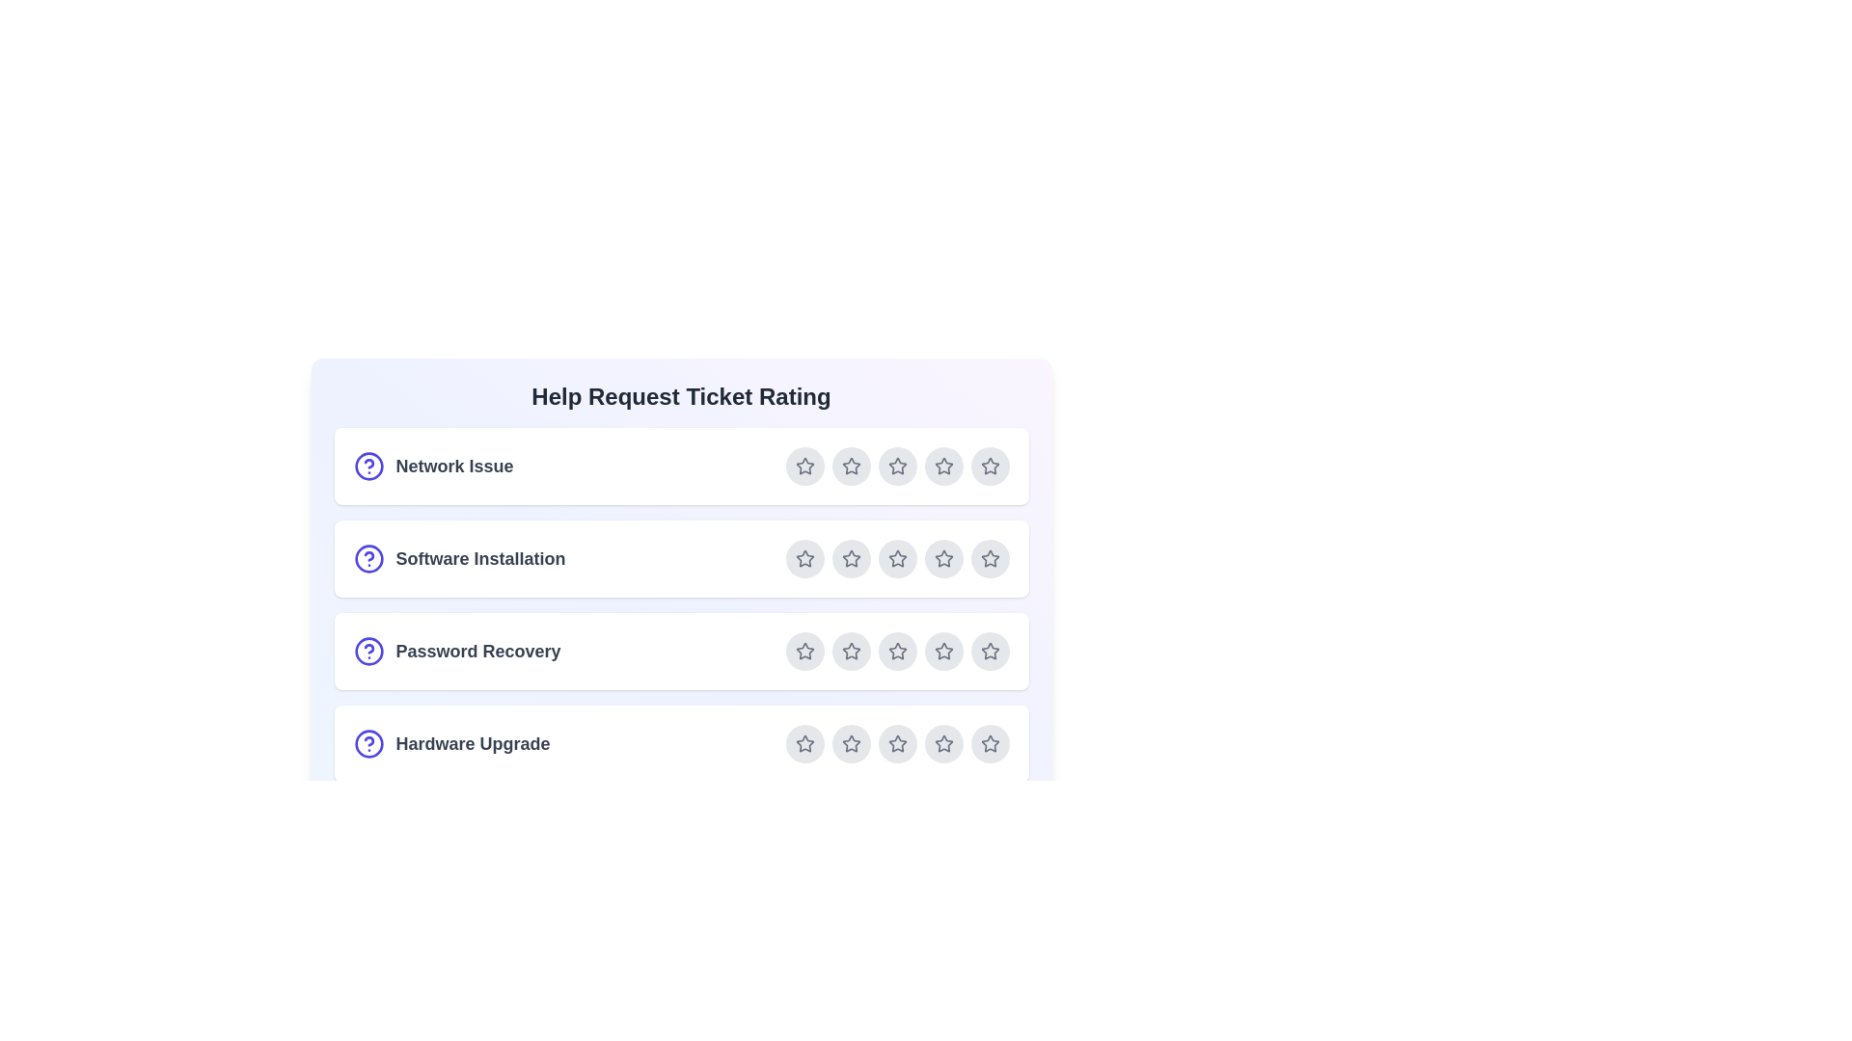 The image size is (1852, 1041). Describe the element at coordinates (943, 466) in the screenshot. I see `the star corresponding to 4 for the ticket Network Issue` at that location.